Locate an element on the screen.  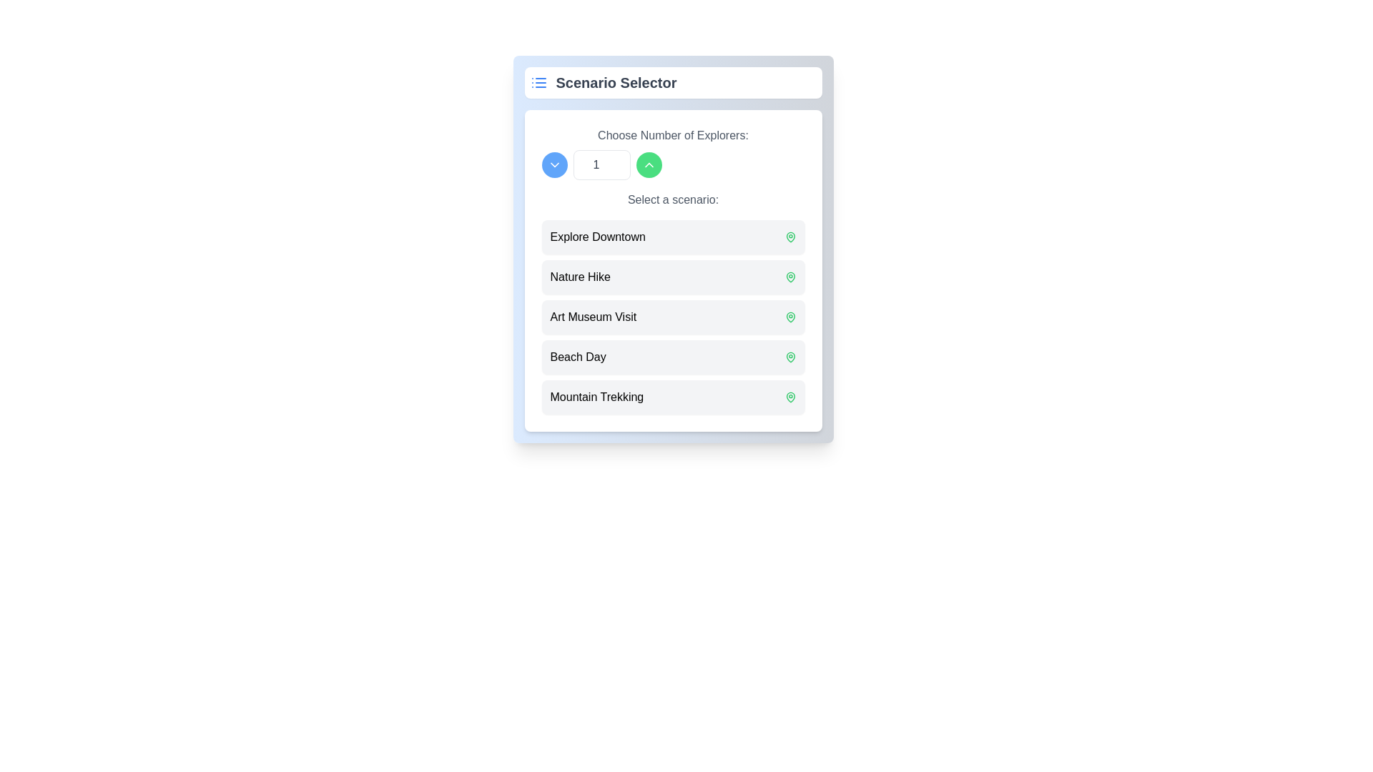
the third selectable option in the 'Scenario Selector' list related to an art museum visit is located at coordinates (672, 316).